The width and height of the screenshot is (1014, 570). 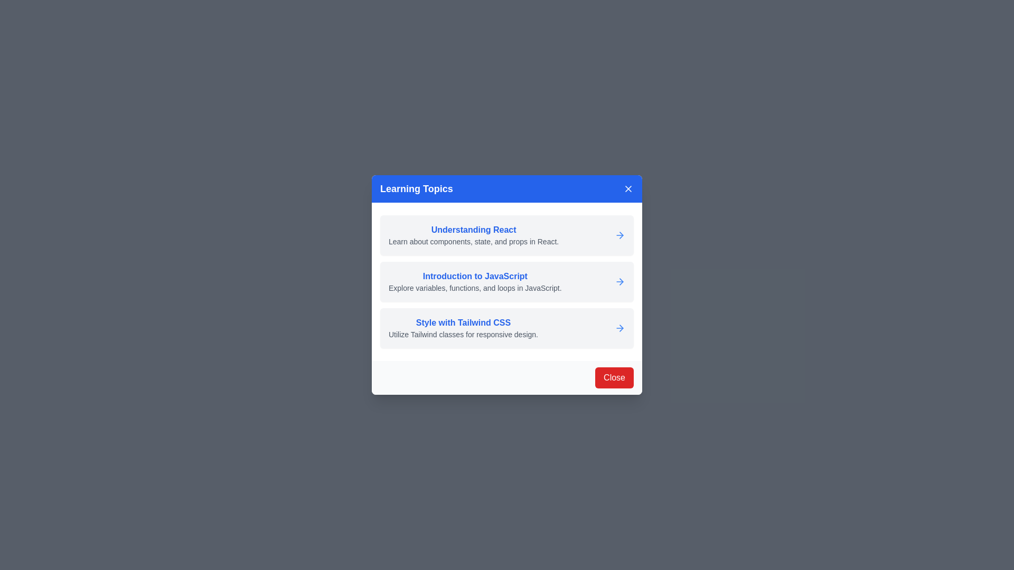 I want to click on the navigation icon located at the rightmost part of the third item in the vertical list inside the 'Learning Topics' modal, beside the 'Style with Tailwind CSS' text, so click(x=621, y=327).